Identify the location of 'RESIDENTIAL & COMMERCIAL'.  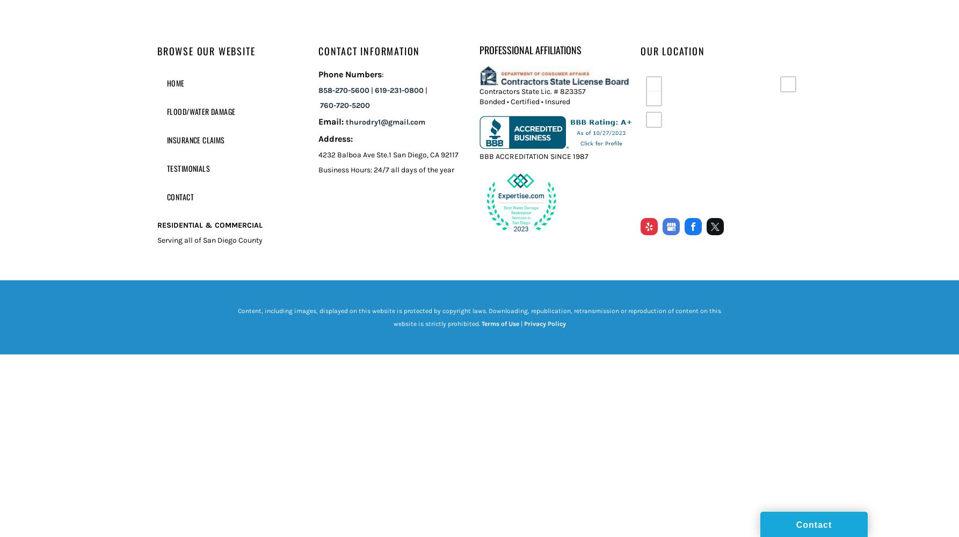
(209, 225).